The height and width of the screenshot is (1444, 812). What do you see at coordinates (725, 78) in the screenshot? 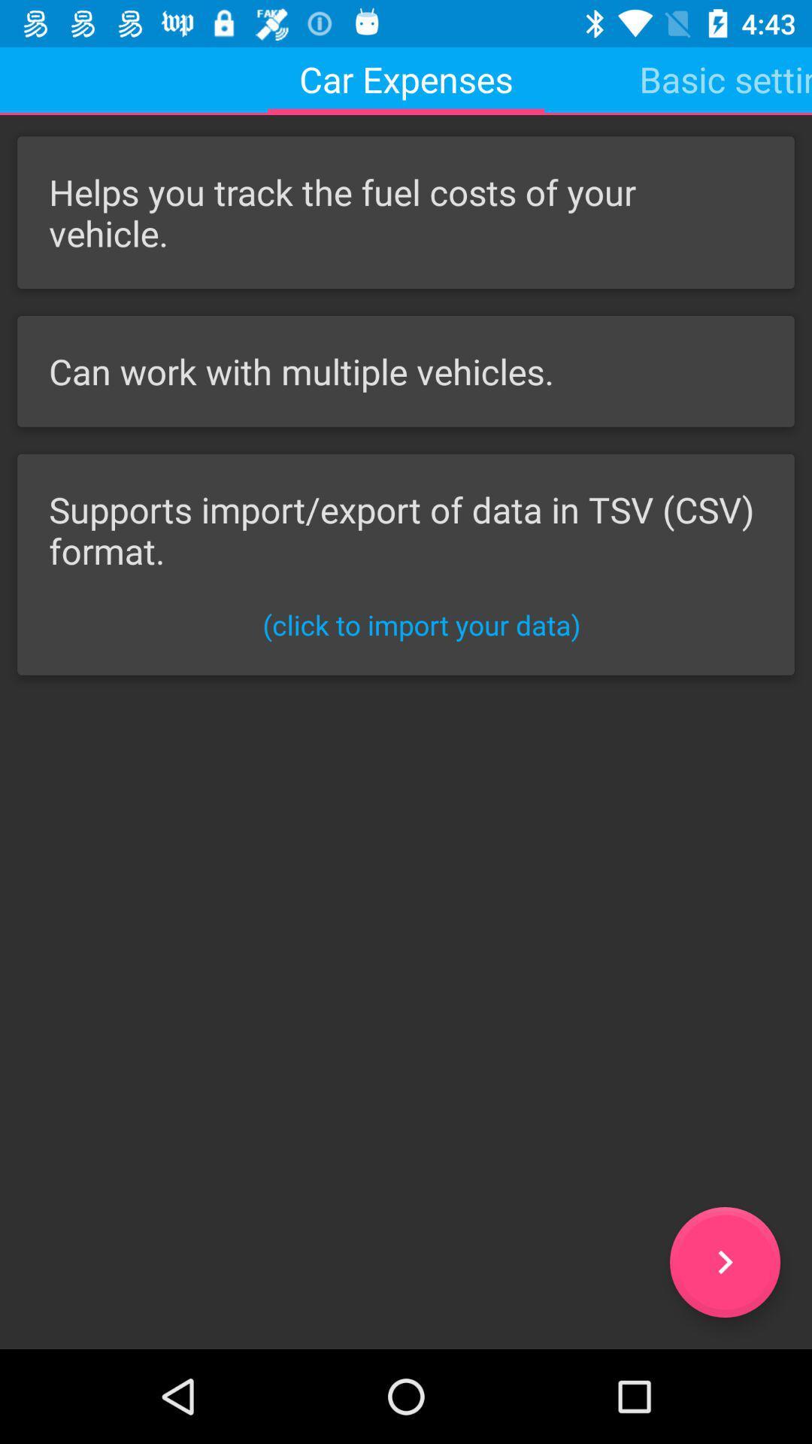
I see `the icon to the right of the car expenses icon` at bounding box center [725, 78].